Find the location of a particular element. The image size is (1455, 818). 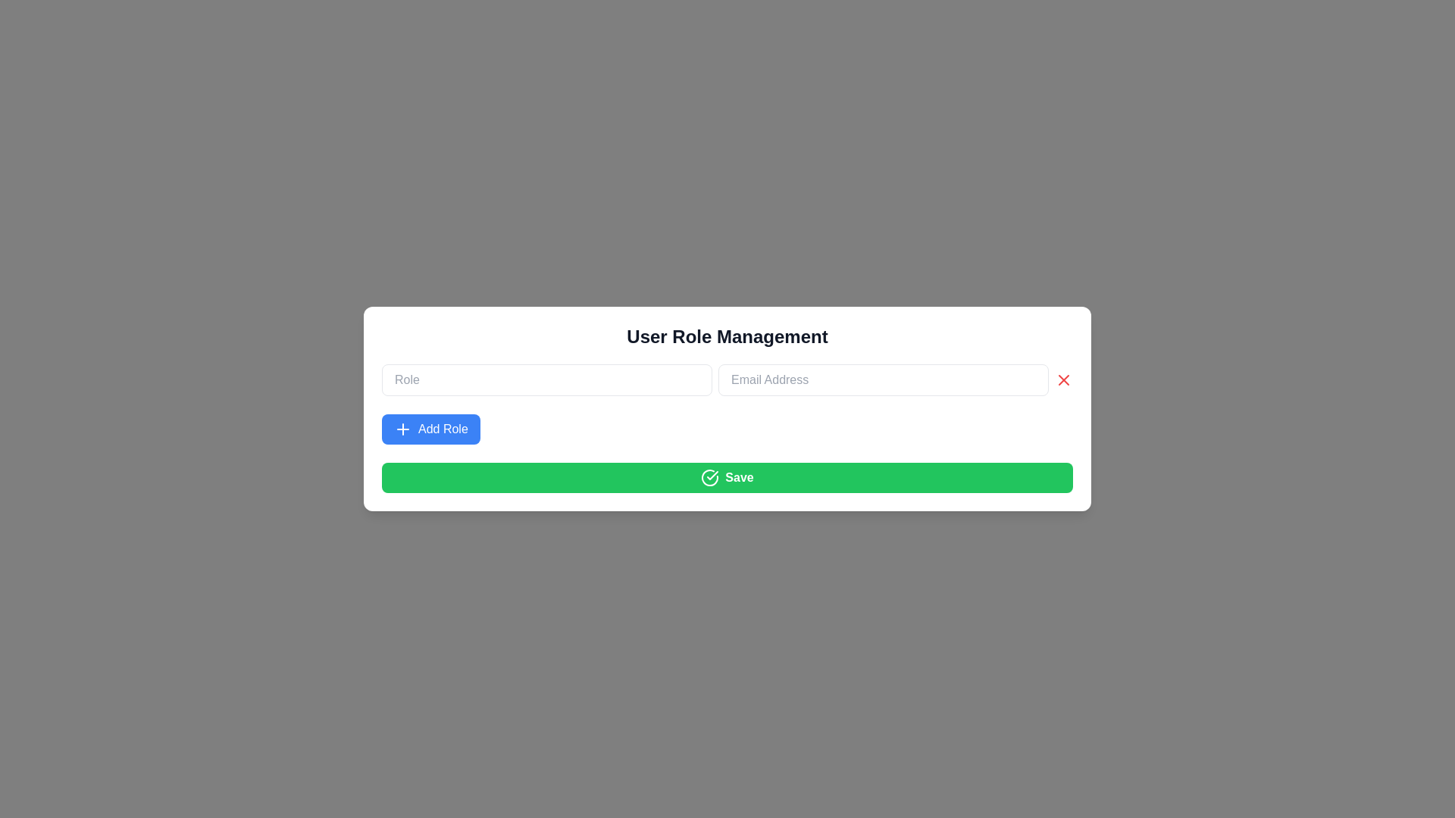

the green 'Save' button with a white checkmark icon at the bottom of the card is located at coordinates (727, 478).